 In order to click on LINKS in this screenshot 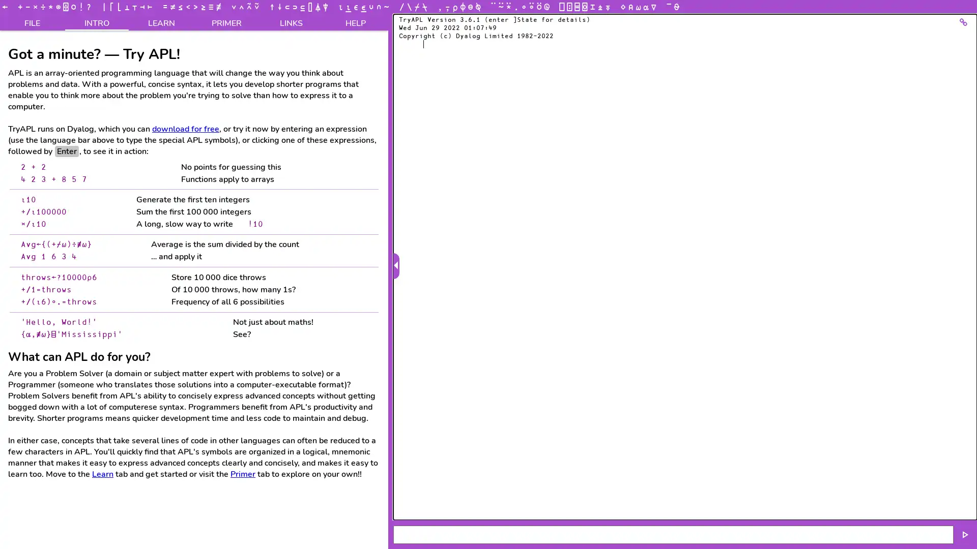, I will do `click(290, 22)`.